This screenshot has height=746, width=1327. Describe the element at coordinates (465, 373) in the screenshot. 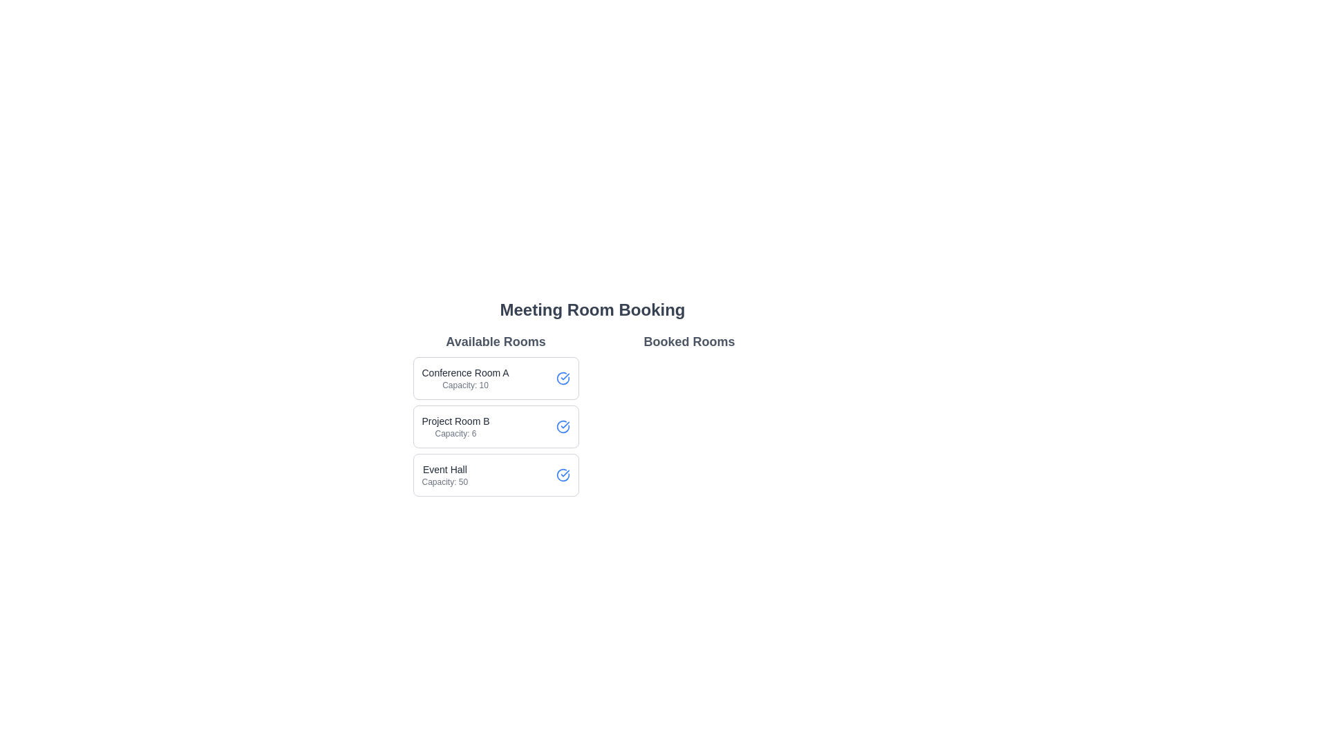

I see `text 'Conference Room A' which is displayed in medium-weight gray font above the text indicating the room's capacity` at that location.